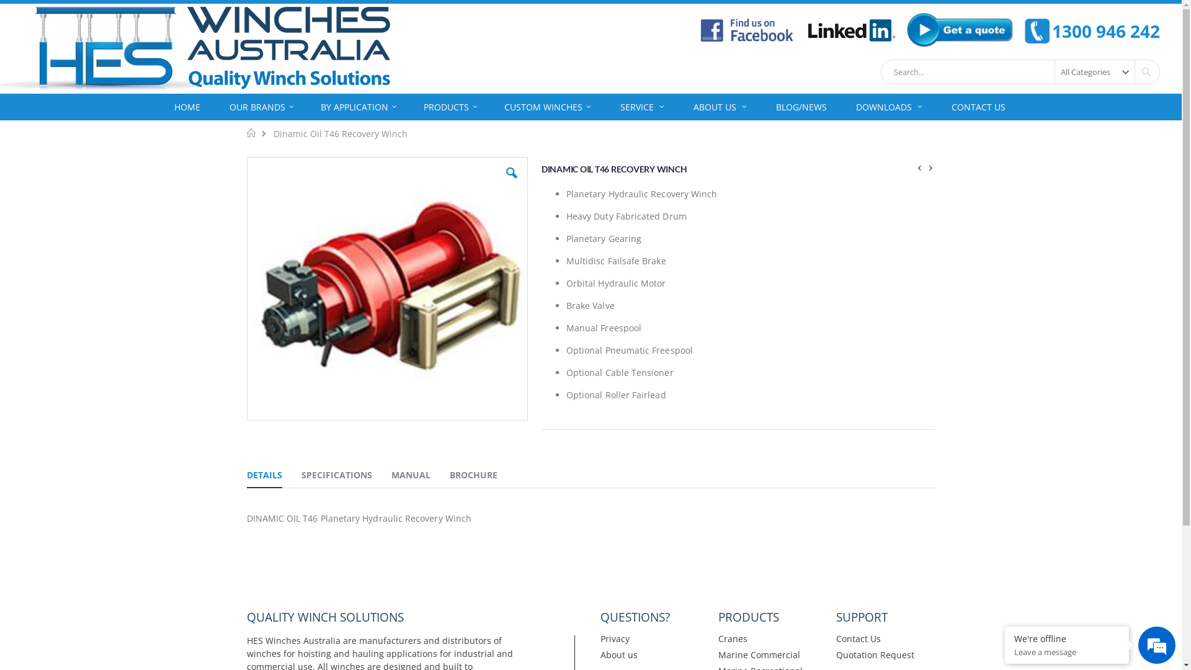 The image size is (1191, 670). Describe the element at coordinates (261, 106) in the screenshot. I see `'OUR BRANDS'` at that location.